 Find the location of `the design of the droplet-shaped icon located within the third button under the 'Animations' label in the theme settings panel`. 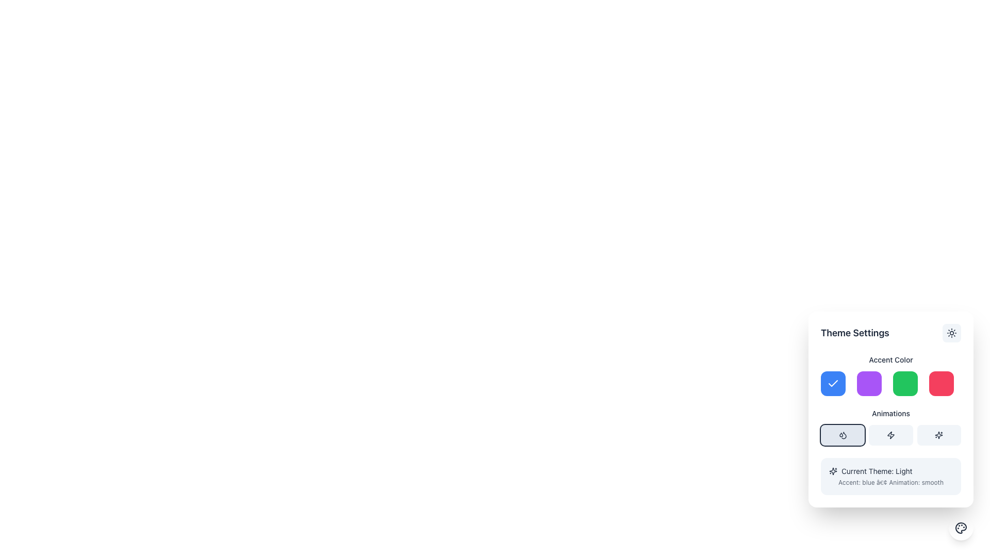

the design of the droplet-shaped icon located within the third button under the 'Animations' label in the theme settings panel is located at coordinates (844, 435).